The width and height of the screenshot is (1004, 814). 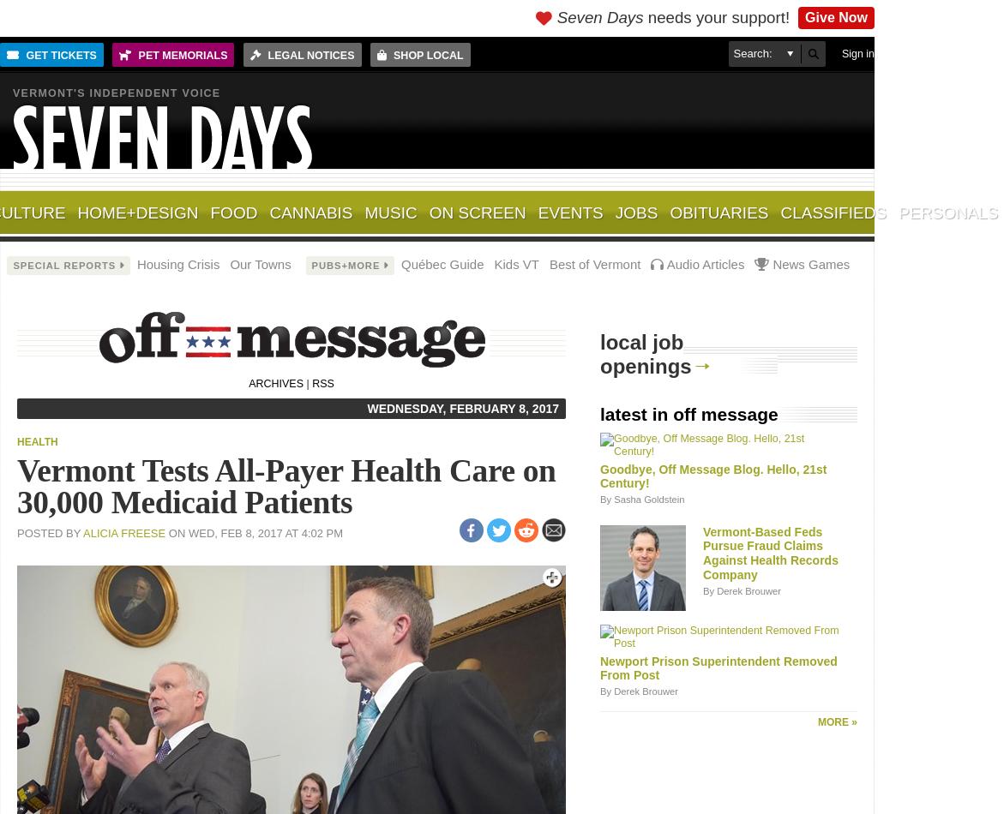 What do you see at coordinates (515, 263) in the screenshot?
I see `'Kids VT'` at bounding box center [515, 263].